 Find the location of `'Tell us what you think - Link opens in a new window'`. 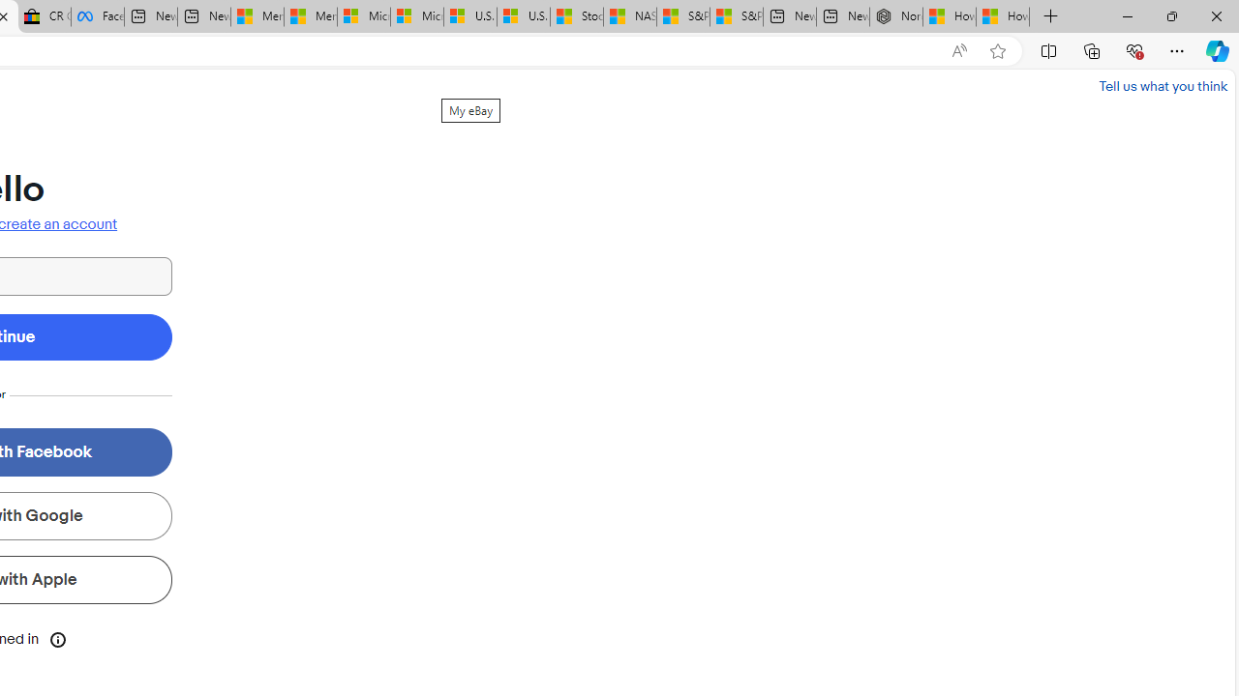

'Tell us what you think - Link opens in a new window' is located at coordinates (1162, 85).